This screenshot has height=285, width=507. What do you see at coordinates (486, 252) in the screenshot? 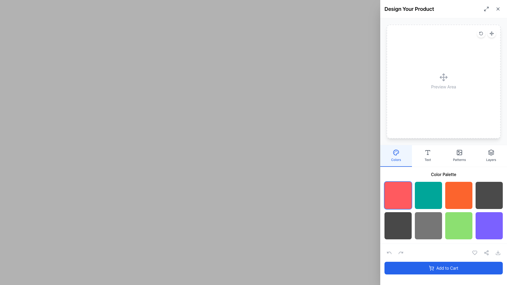
I see `the sharing icon, which is the second icon in the horizontal cluster at the bottom bar of the interface` at bounding box center [486, 252].